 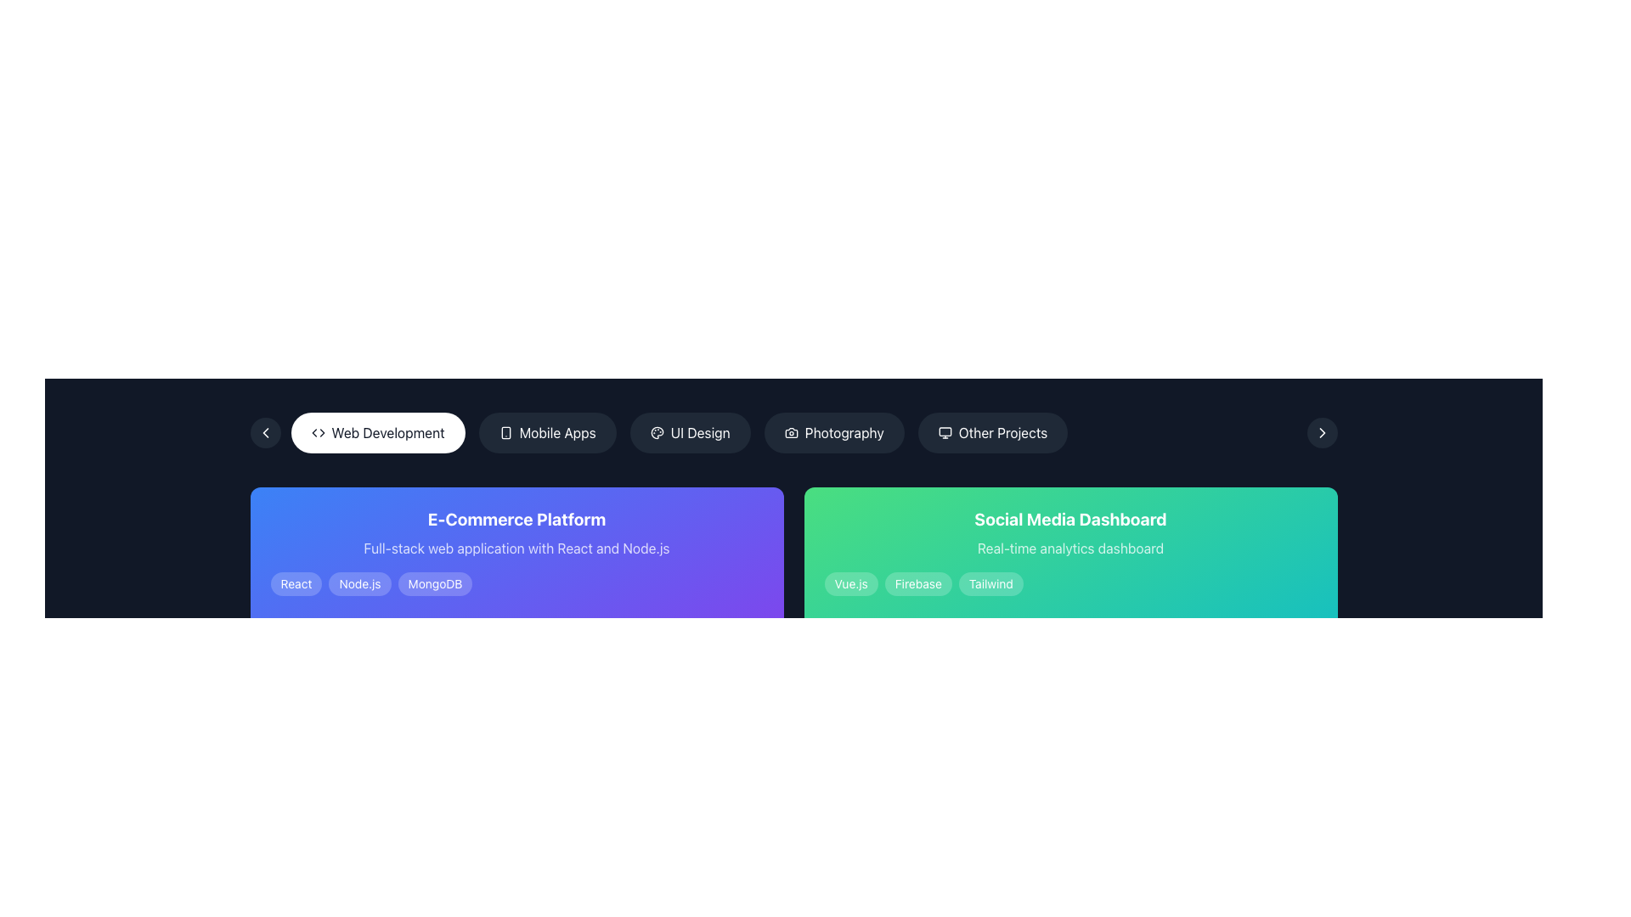 What do you see at coordinates (557, 431) in the screenshot?
I see `the 'Mobile Apps' text label within the navigation button` at bounding box center [557, 431].